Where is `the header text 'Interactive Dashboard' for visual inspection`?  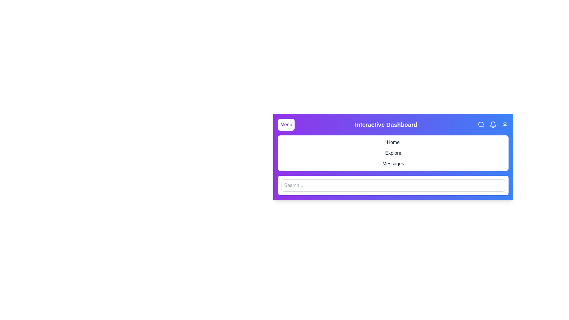 the header text 'Interactive Dashboard' for visual inspection is located at coordinates (386, 124).